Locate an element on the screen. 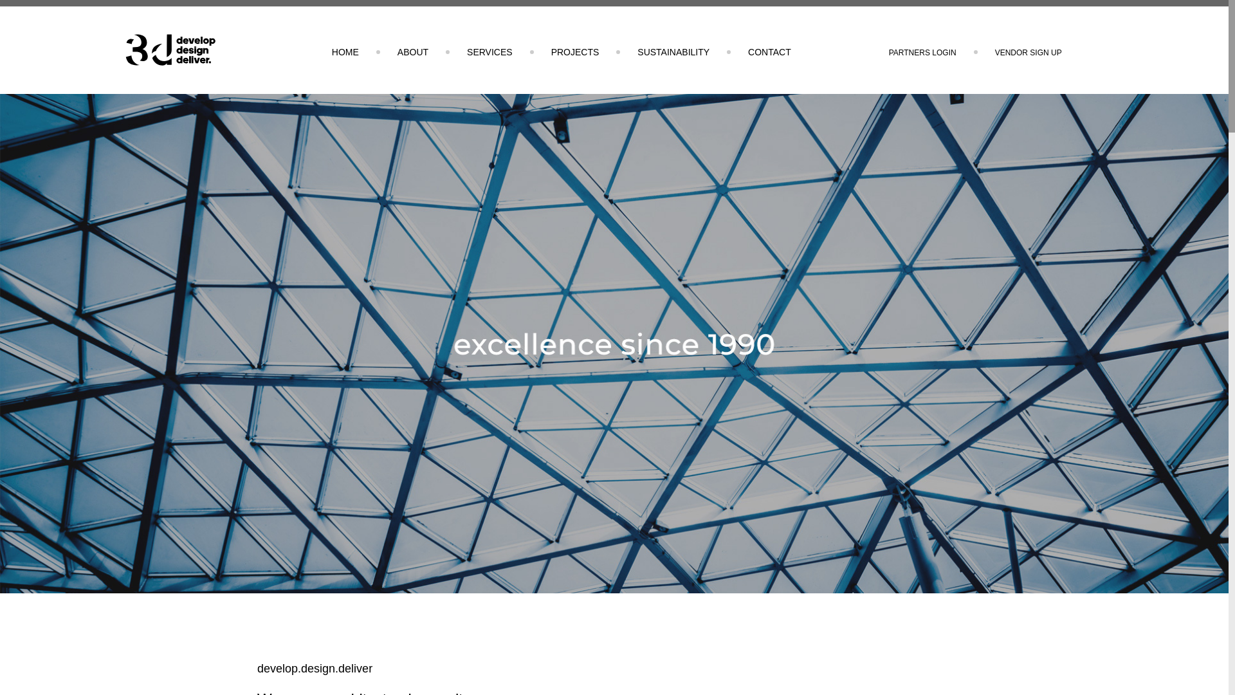 The height and width of the screenshot is (695, 1235). 'SERVICES' is located at coordinates (466, 51).